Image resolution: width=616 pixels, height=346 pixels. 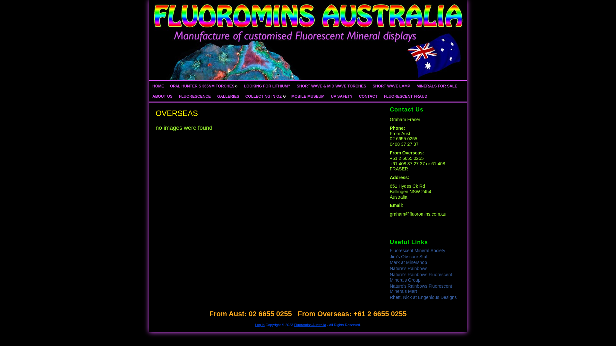 What do you see at coordinates (389, 250) in the screenshot?
I see `'Fluorescent Mineral Society'` at bounding box center [389, 250].